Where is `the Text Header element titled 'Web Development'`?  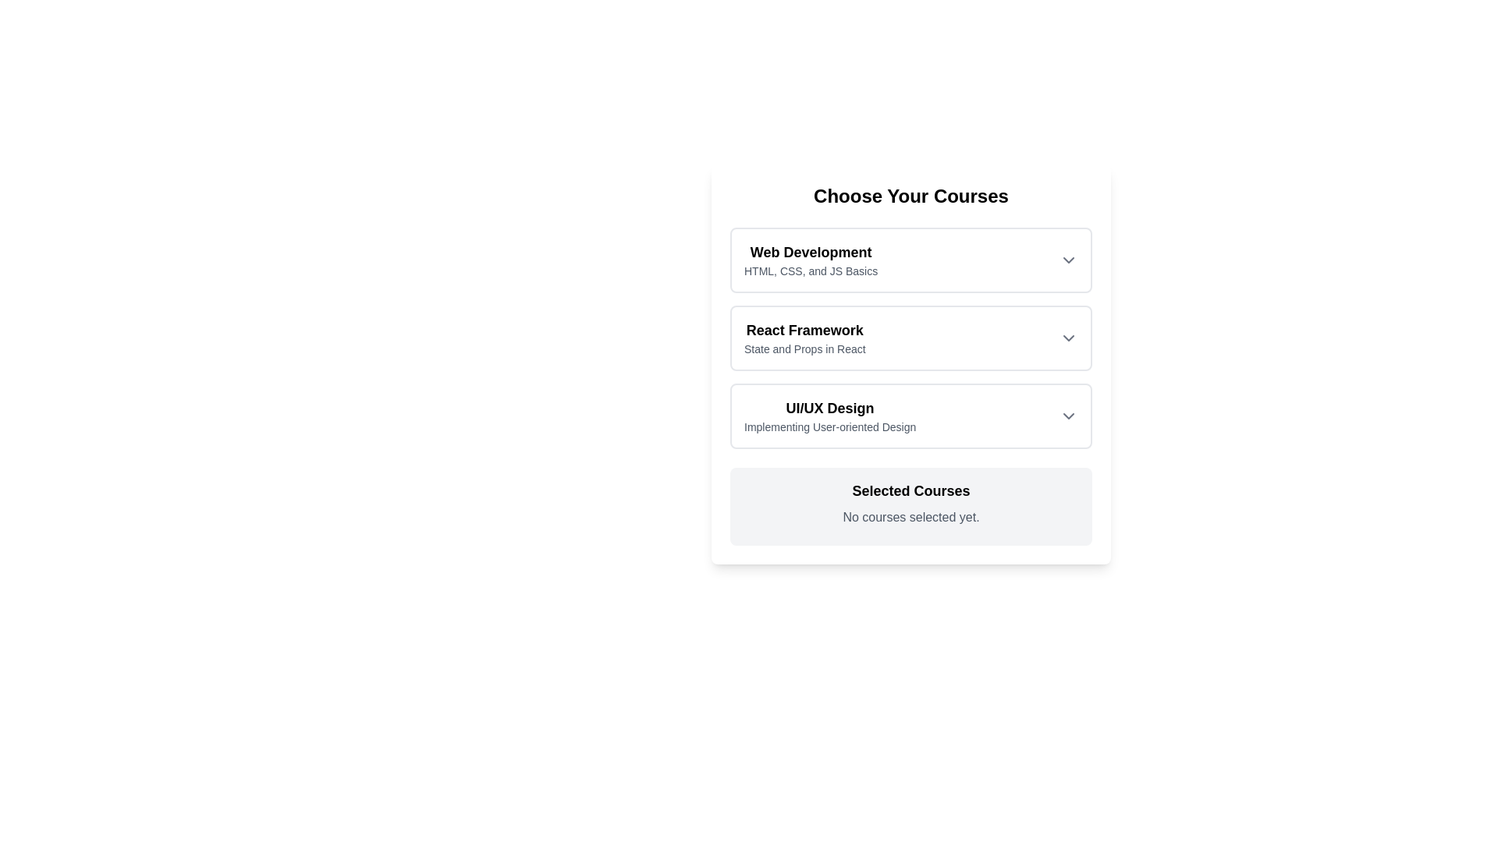 the Text Header element titled 'Web Development' is located at coordinates (811, 252).